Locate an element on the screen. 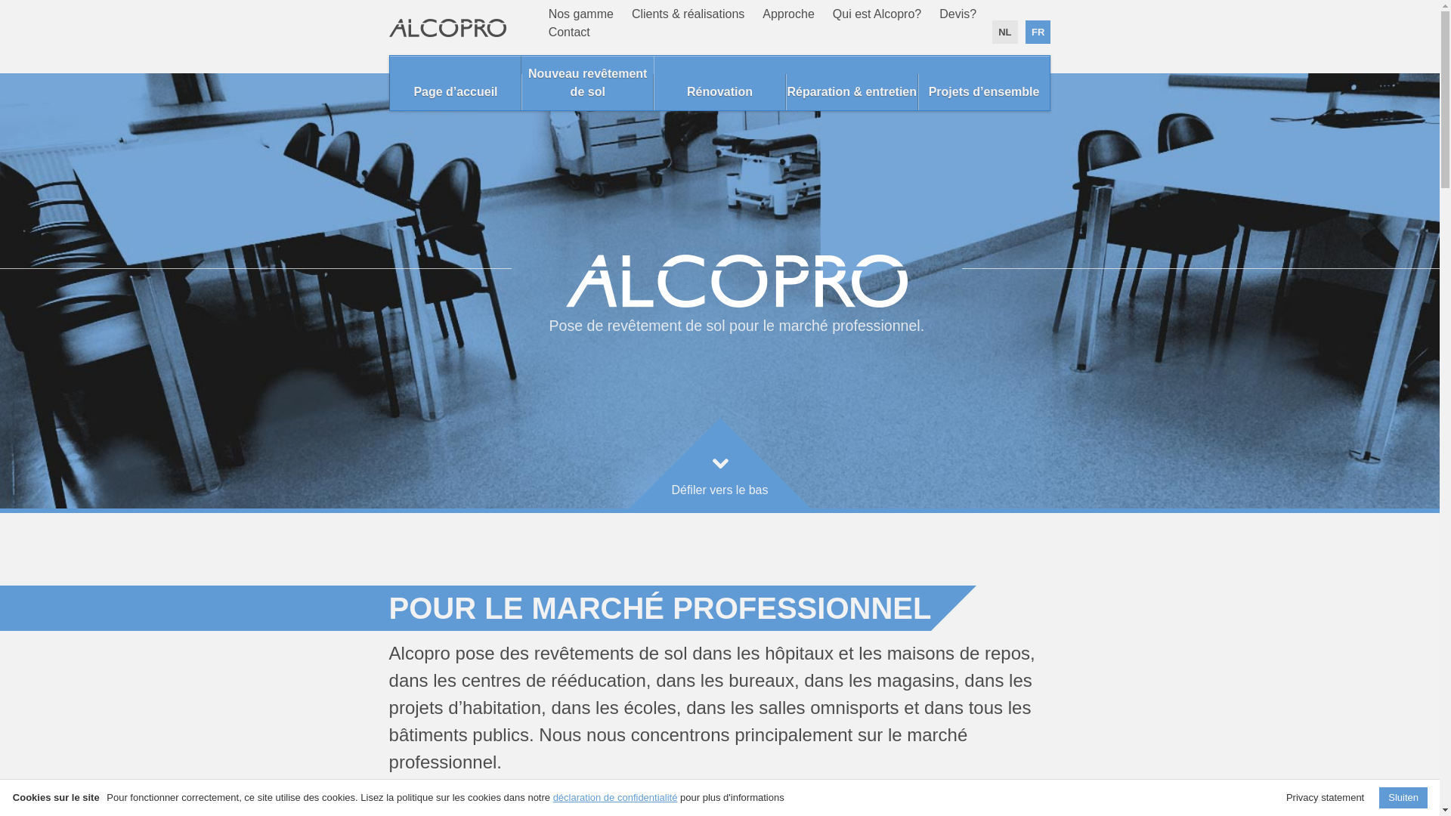  'Contact' is located at coordinates (547, 32).